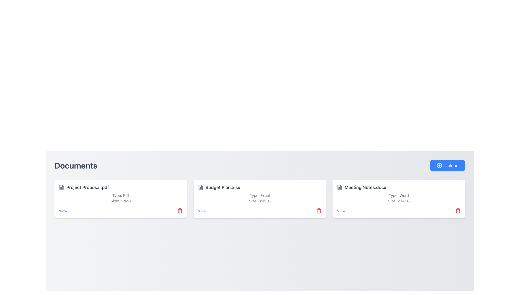 This screenshot has width=525, height=295. What do you see at coordinates (87, 187) in the screenshot?
I see `the bold gray text label displaying 'Project Proposal.pdf'` at bounding box center [87, 187].